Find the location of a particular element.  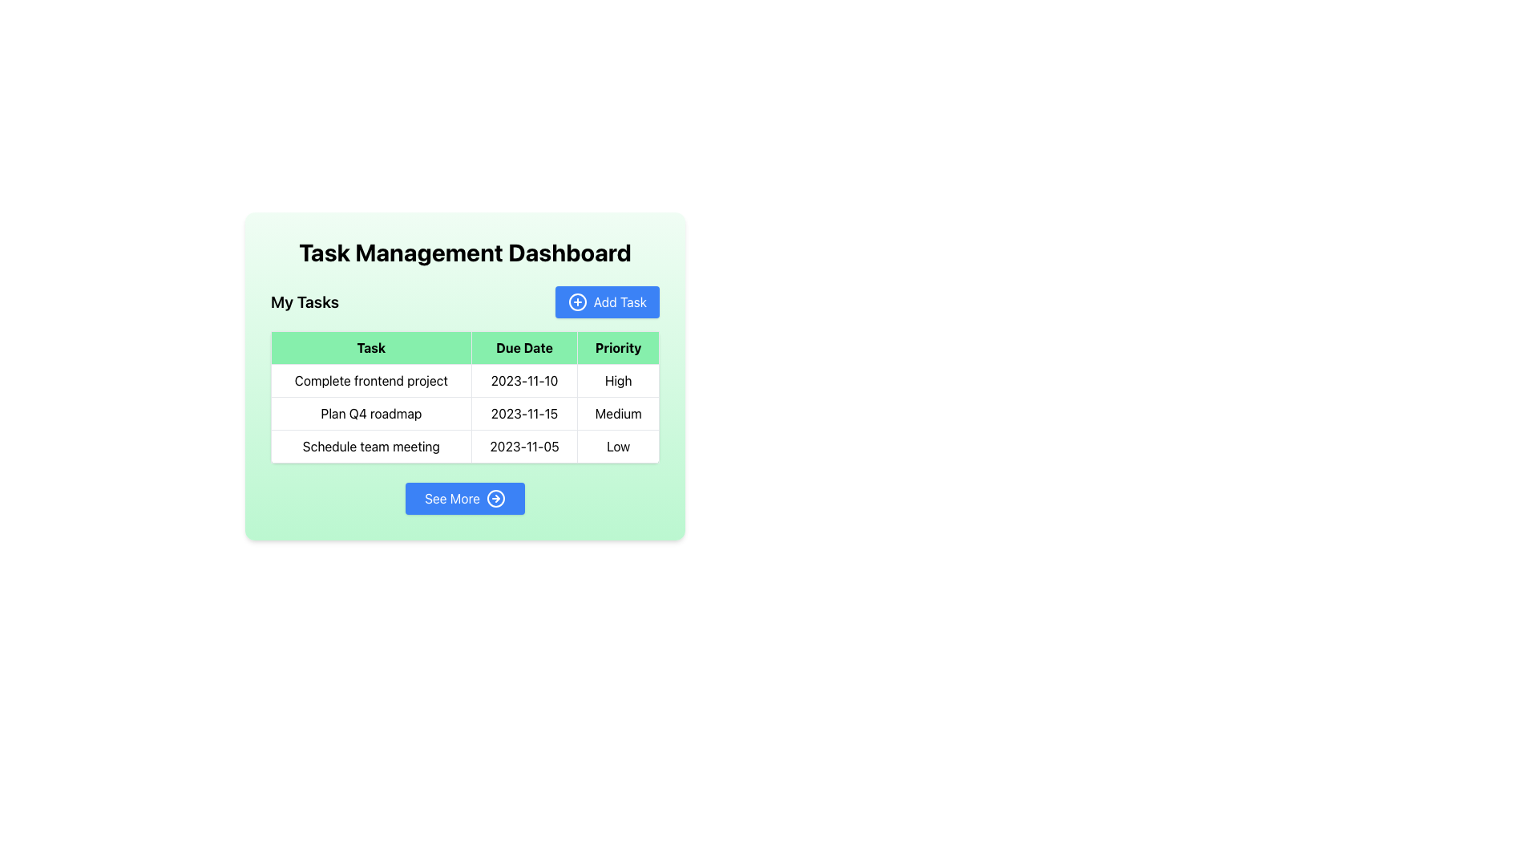

the static text element displaying the date '2023-11-10' in a bold font, which is located in the second column of the first row under the 'Due Date' header is located at coordinates (524, 380).